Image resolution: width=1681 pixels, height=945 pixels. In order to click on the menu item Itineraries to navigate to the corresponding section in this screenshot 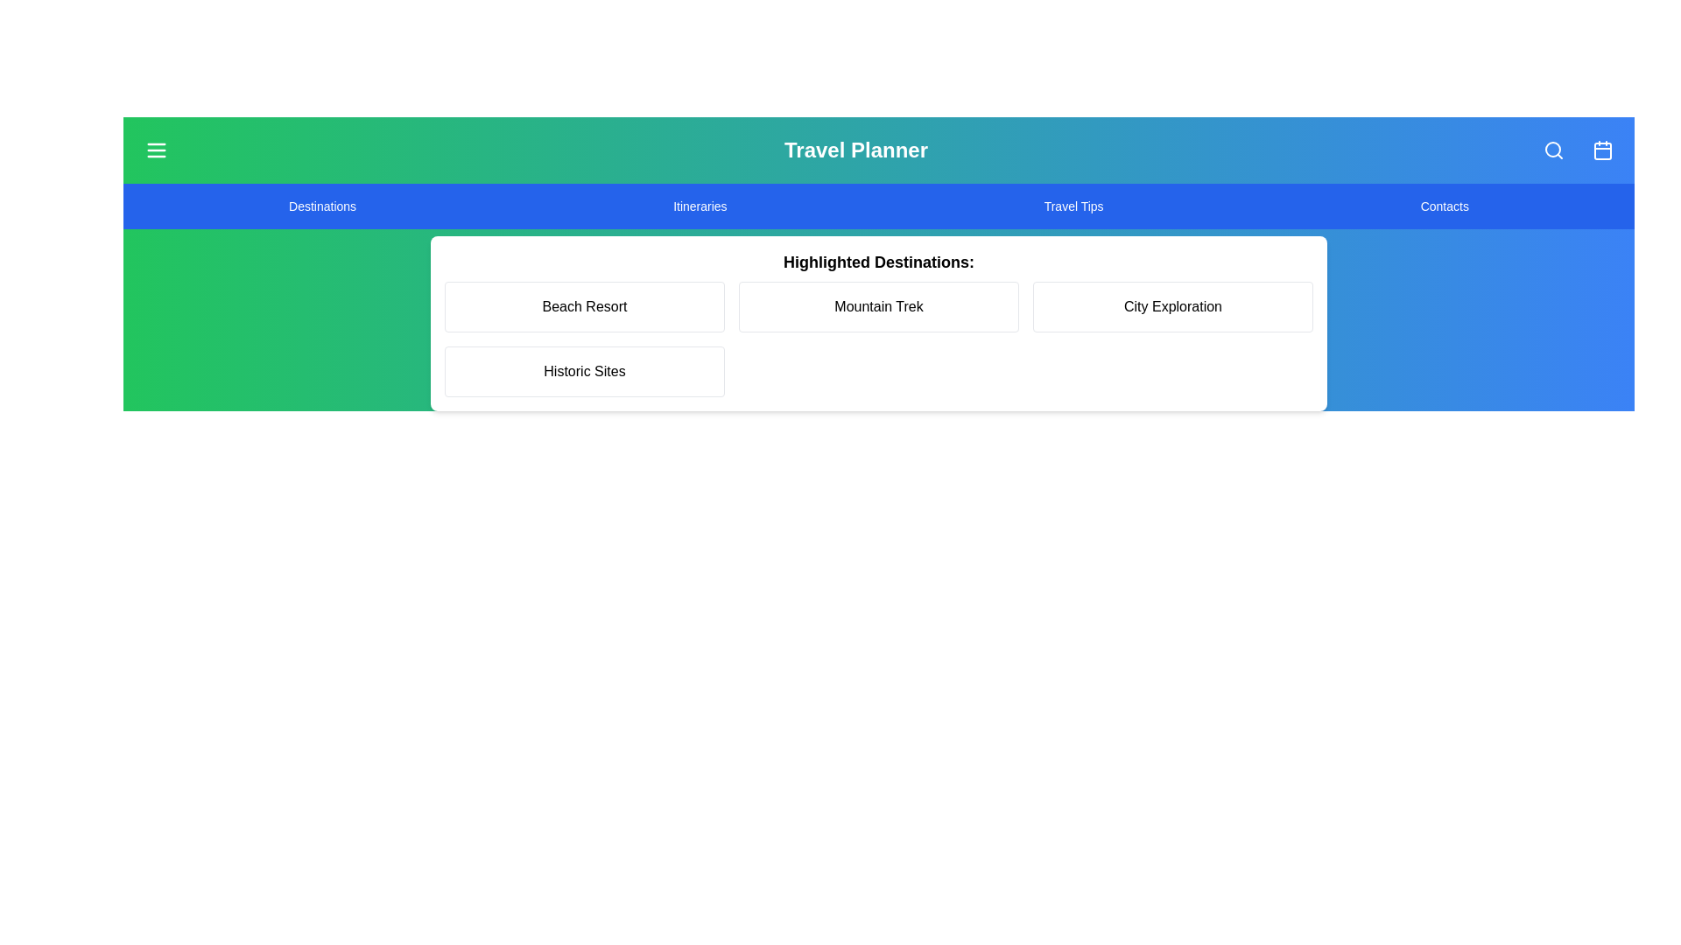, I will do `click(699, 205)`.